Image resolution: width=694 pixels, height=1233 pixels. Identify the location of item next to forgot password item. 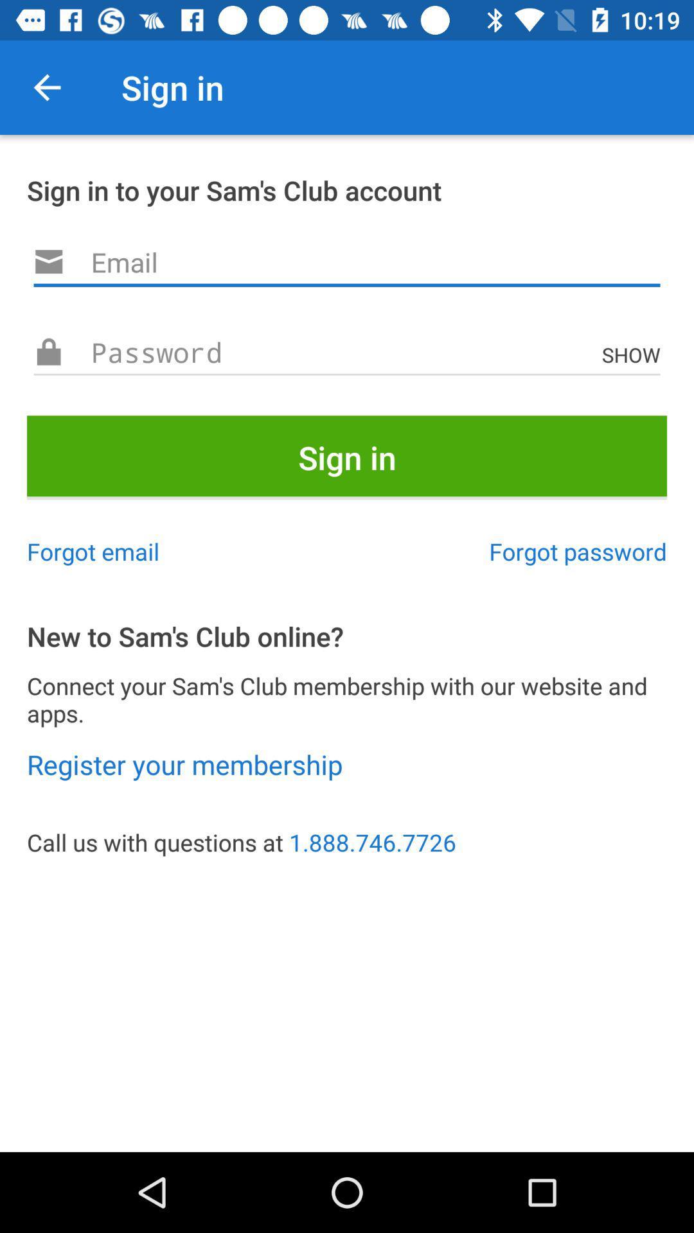
(93, 551).